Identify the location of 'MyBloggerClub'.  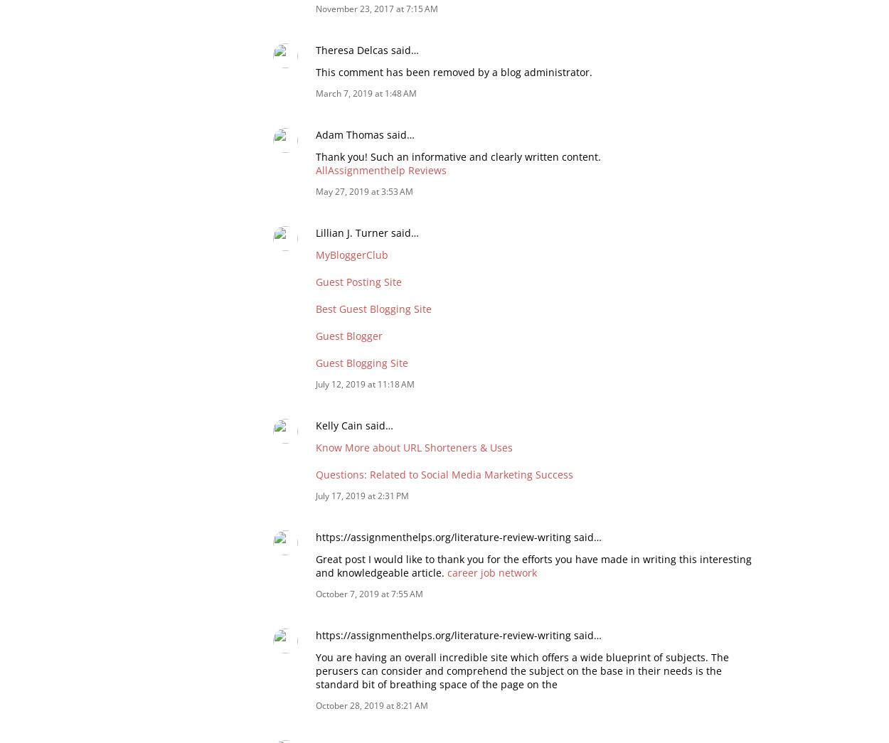
(351, 253).